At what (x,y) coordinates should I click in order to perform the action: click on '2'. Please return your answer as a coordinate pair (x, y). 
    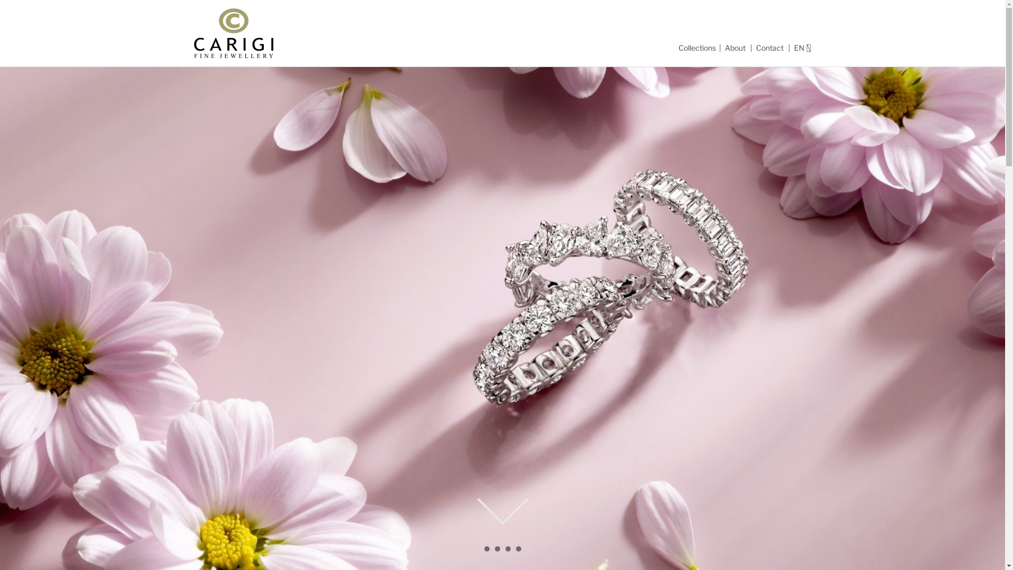
    Looking at the image, I should click on (494, 551).